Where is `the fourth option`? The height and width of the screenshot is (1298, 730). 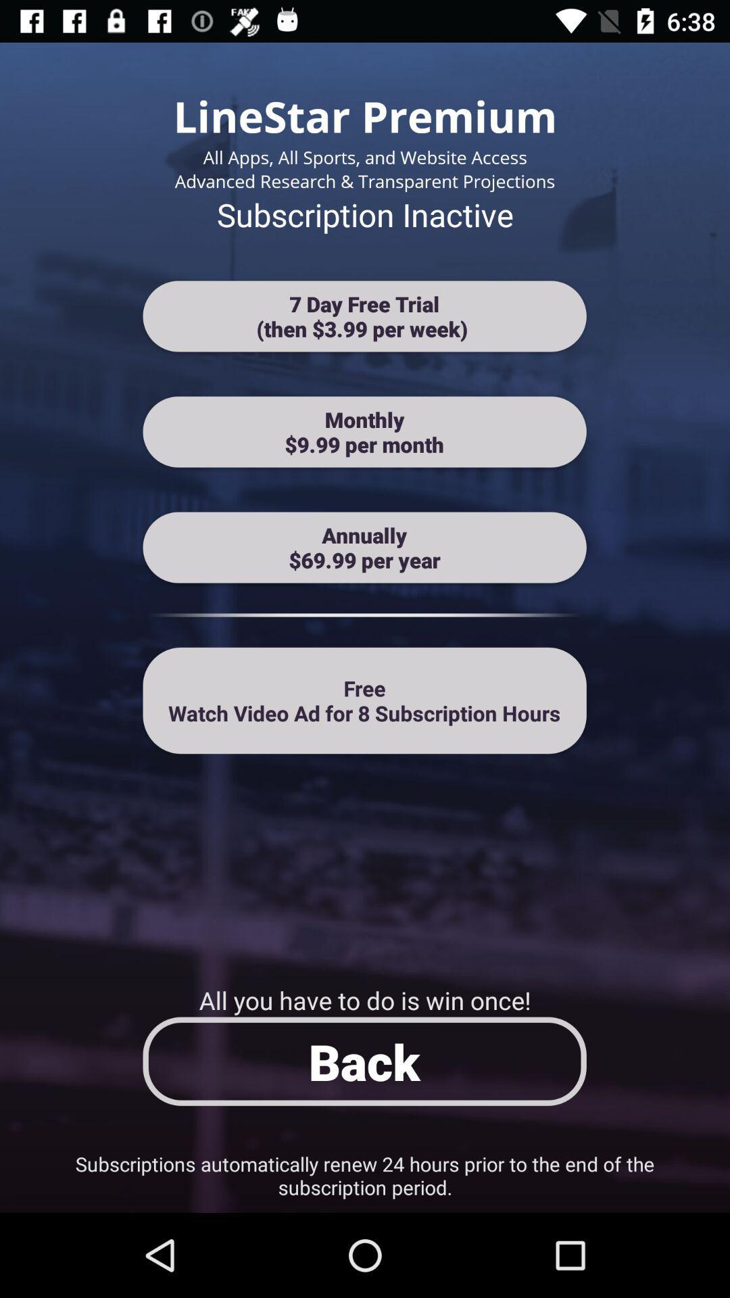 the fourth option is located at coordinates (365, 700).